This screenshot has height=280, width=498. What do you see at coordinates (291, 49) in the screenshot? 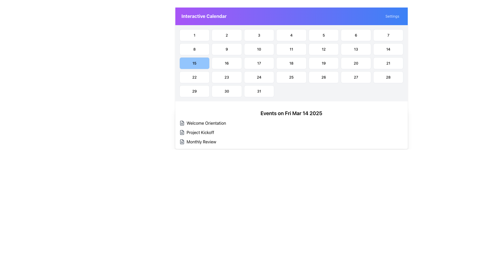
I see `the calendar day cell representing the eleventh day, positioned between the cells labeled '10' and '12', directly under 'Interactive Calendar'` at bounding box center [291, 49].